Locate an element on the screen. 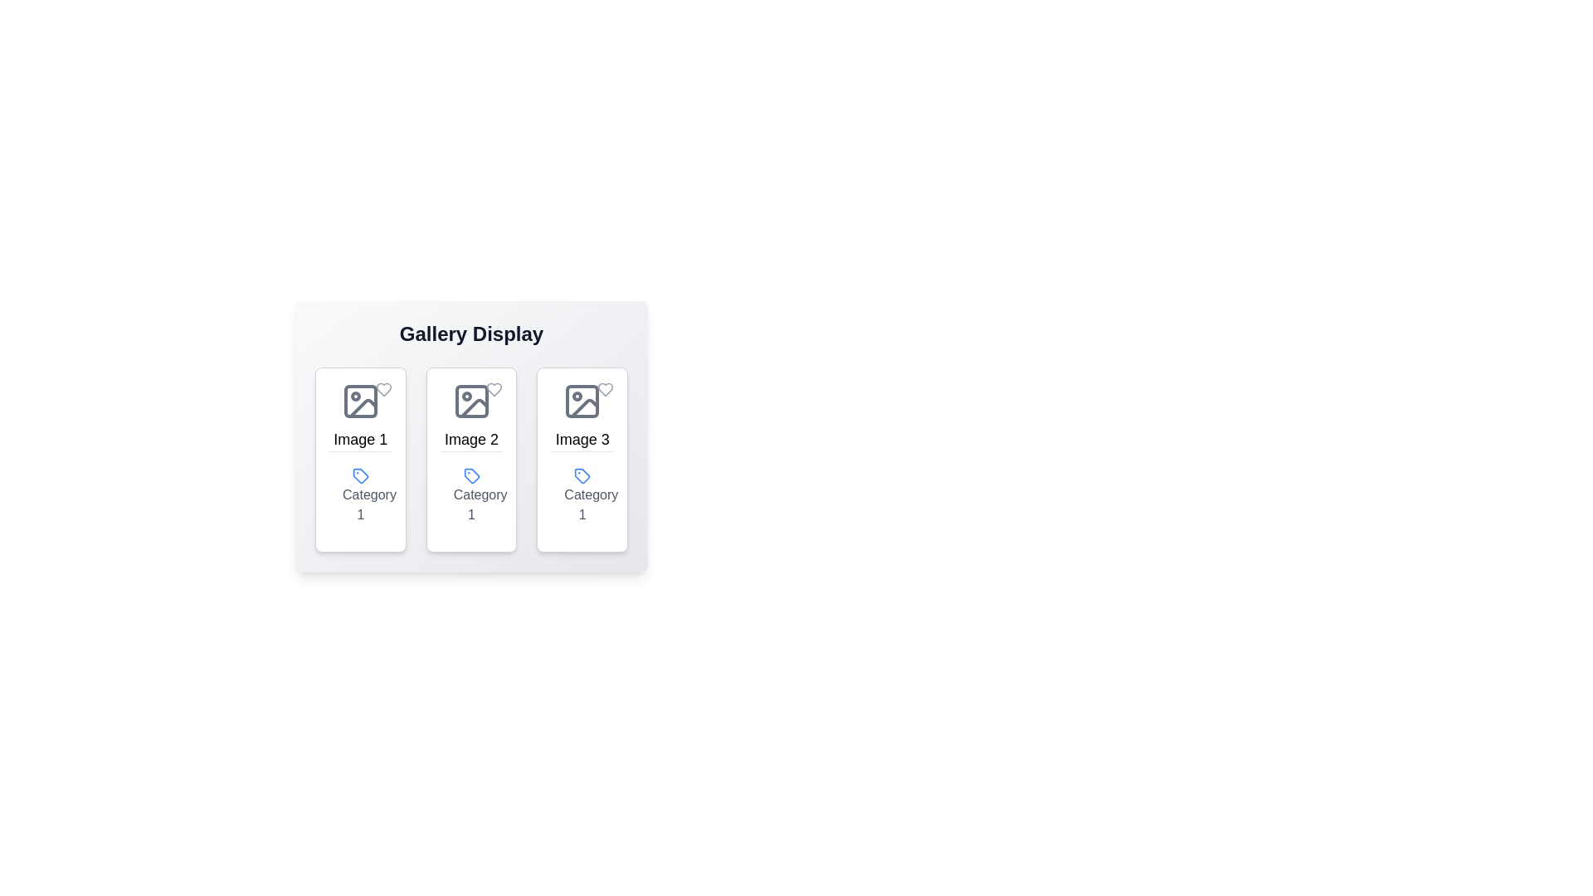  the text label that categorizes or describes the item in the second card, positioned beneath the image illustration and a blue tag icon in the middle column of a three-column layout is located at coordinates (480, 504).